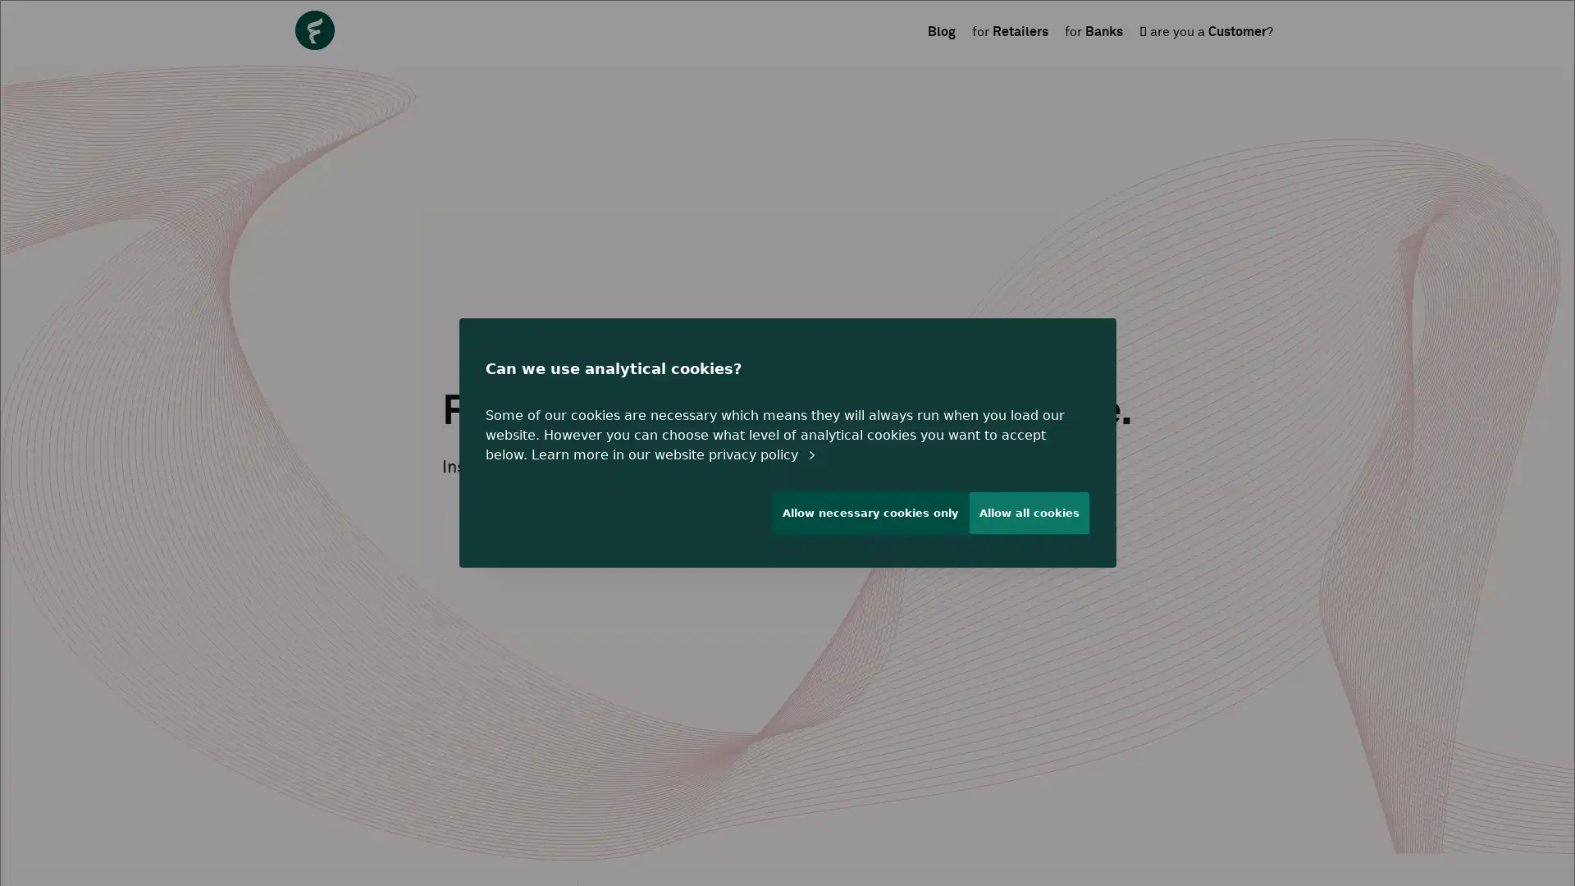  I want to click on Allow all cookies, so click(1027, 519).